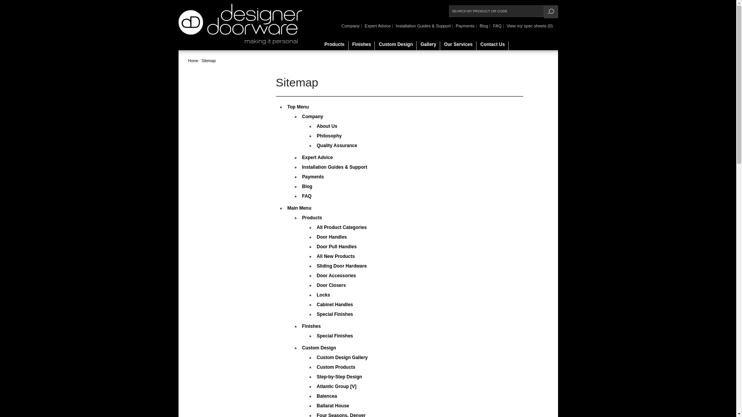 The height and width of the screenshot is (417, 742). What do you see at coordinates (317, 227) in the screenshot?
I see `'All Product Categories'` at bounding box center [317, 227].